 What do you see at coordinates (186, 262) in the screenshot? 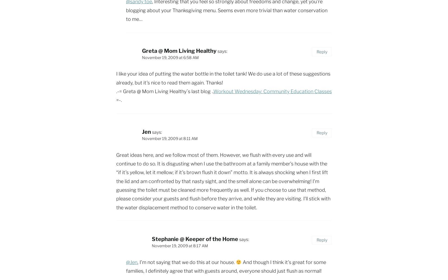
I see `', I’m not saying that we do this at our house.'` at bounding box center [186, 262].